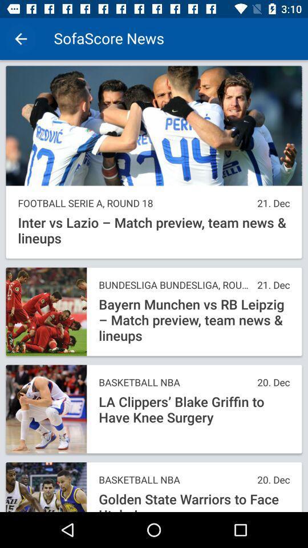 The width and height of the screenshot is (308, 548). I want to click on the item above the inter vs lazio icon, so click(134, 203).